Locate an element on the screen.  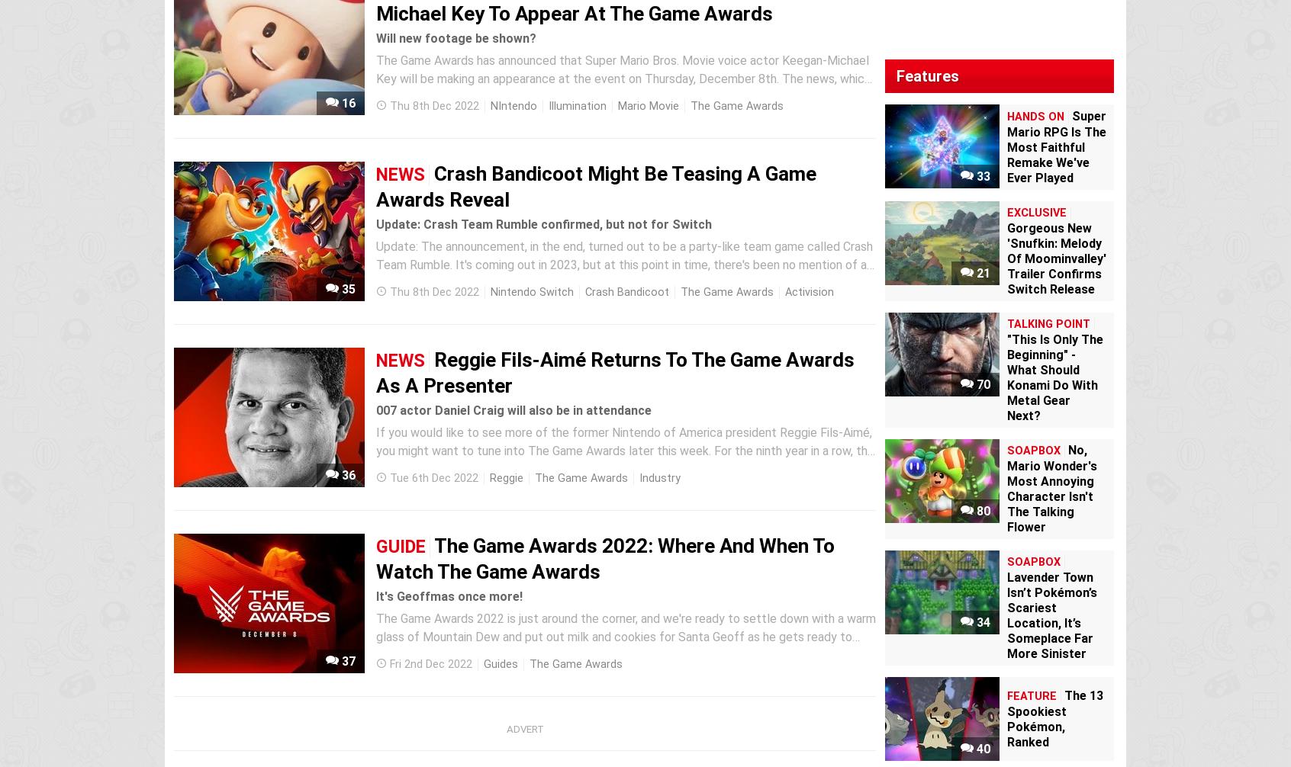
'Update: Crash Team Rumble confirmed, but not for Switch' is located at coordinates (375, 223).